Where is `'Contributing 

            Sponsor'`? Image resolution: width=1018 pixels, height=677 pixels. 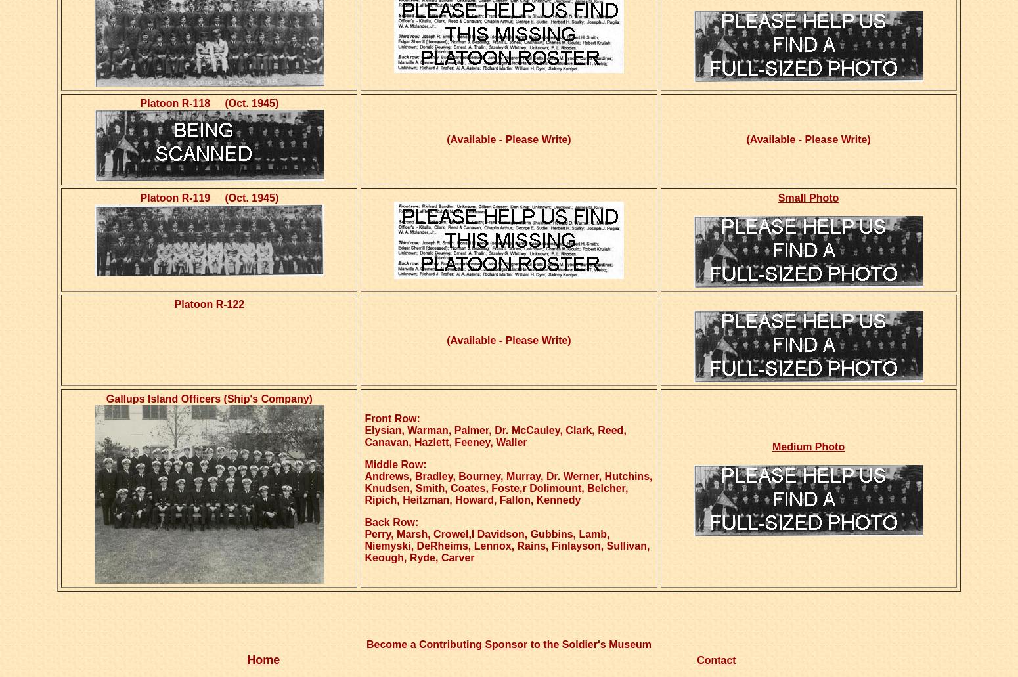
'Contributing 

            Sponsor' is located at coordinates (473, 644).